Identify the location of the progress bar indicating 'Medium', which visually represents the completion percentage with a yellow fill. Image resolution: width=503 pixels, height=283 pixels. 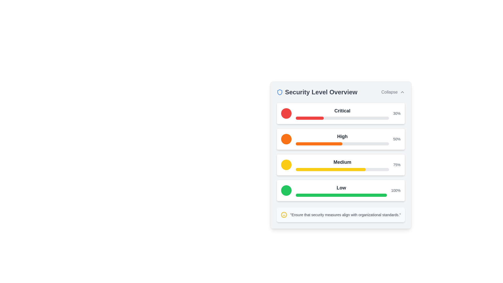
(342, 170).